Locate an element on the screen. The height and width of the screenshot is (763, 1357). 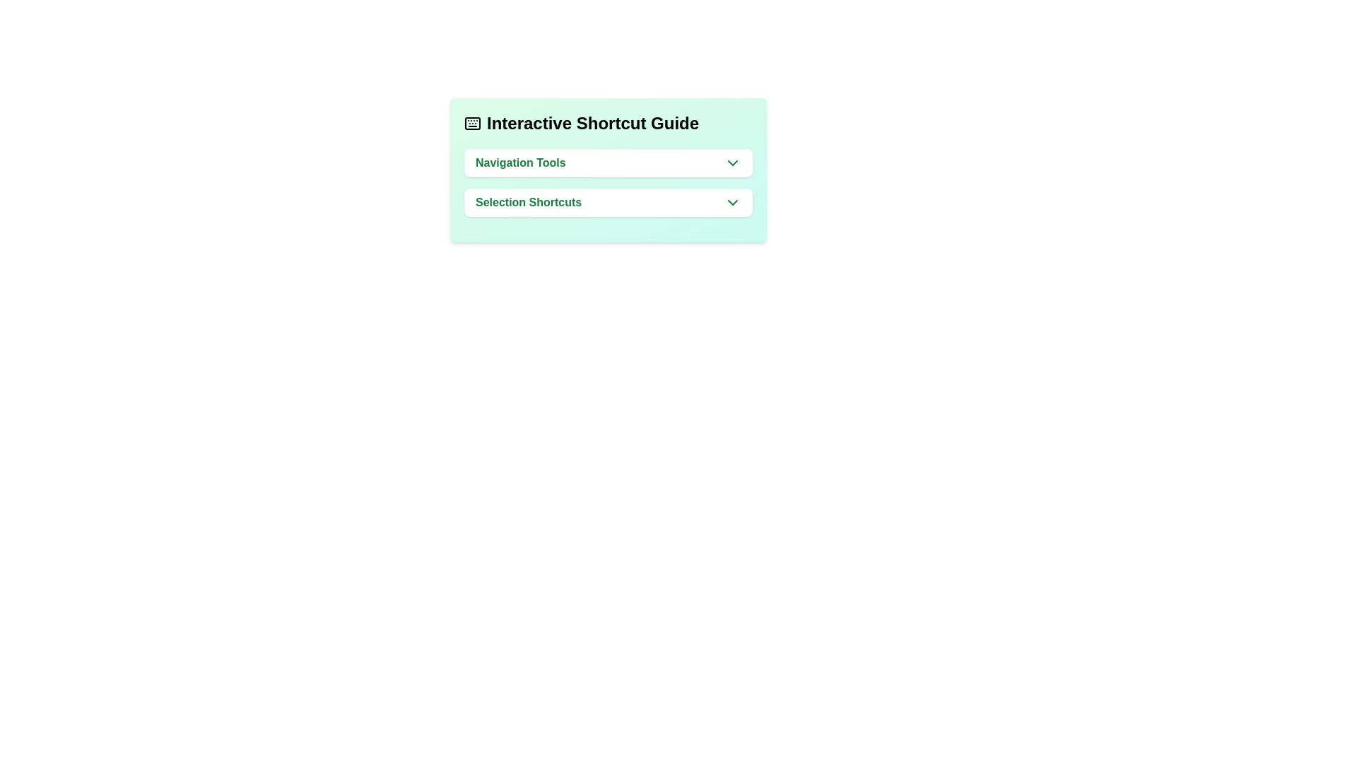
the downward-pointing chevron icon with a green stroke is located at coordinates (732, 202).